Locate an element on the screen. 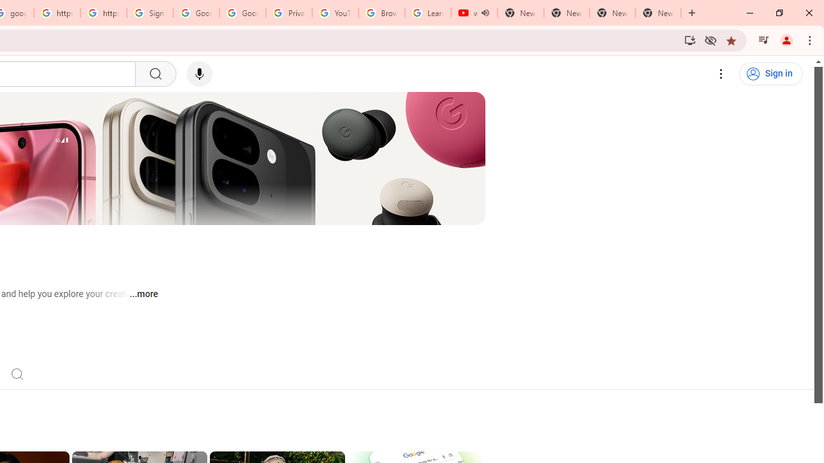  'Bookmark this tab' is located at coordinates (731, 39).